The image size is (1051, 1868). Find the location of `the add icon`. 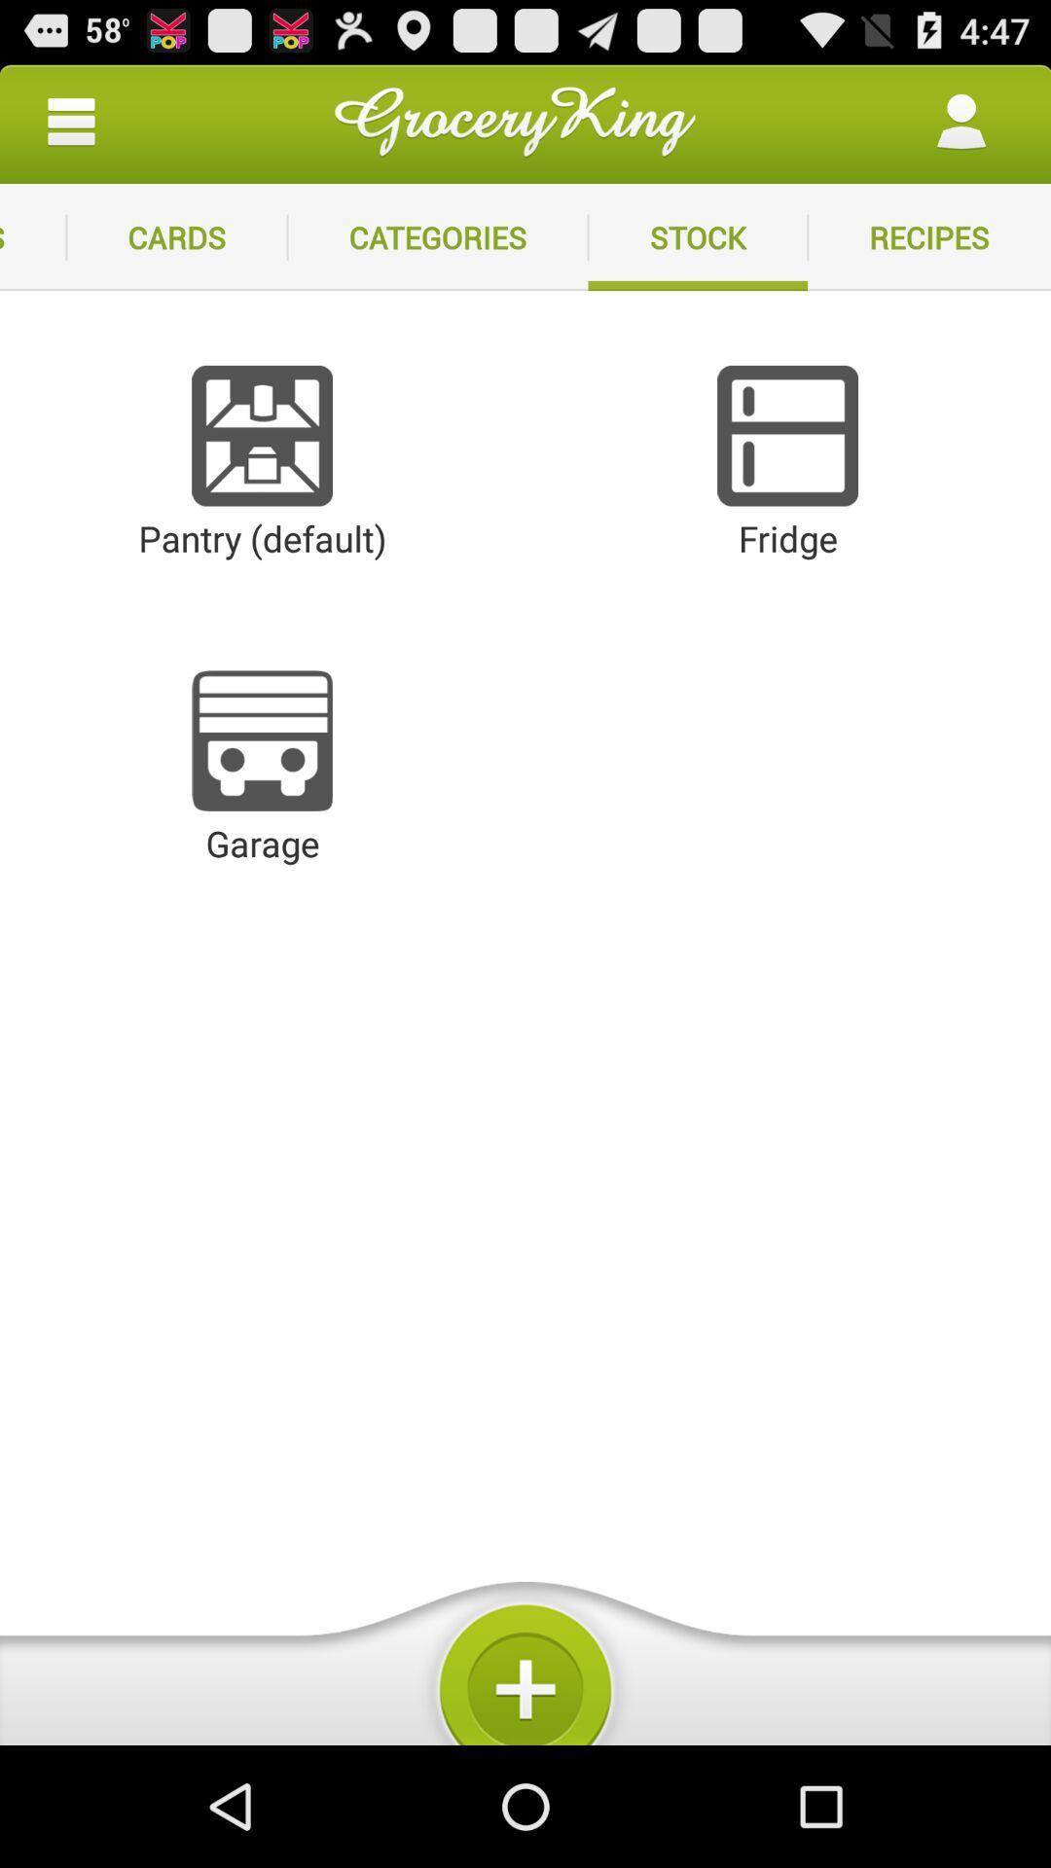

the add icon is located at coordinates (525, 1769).